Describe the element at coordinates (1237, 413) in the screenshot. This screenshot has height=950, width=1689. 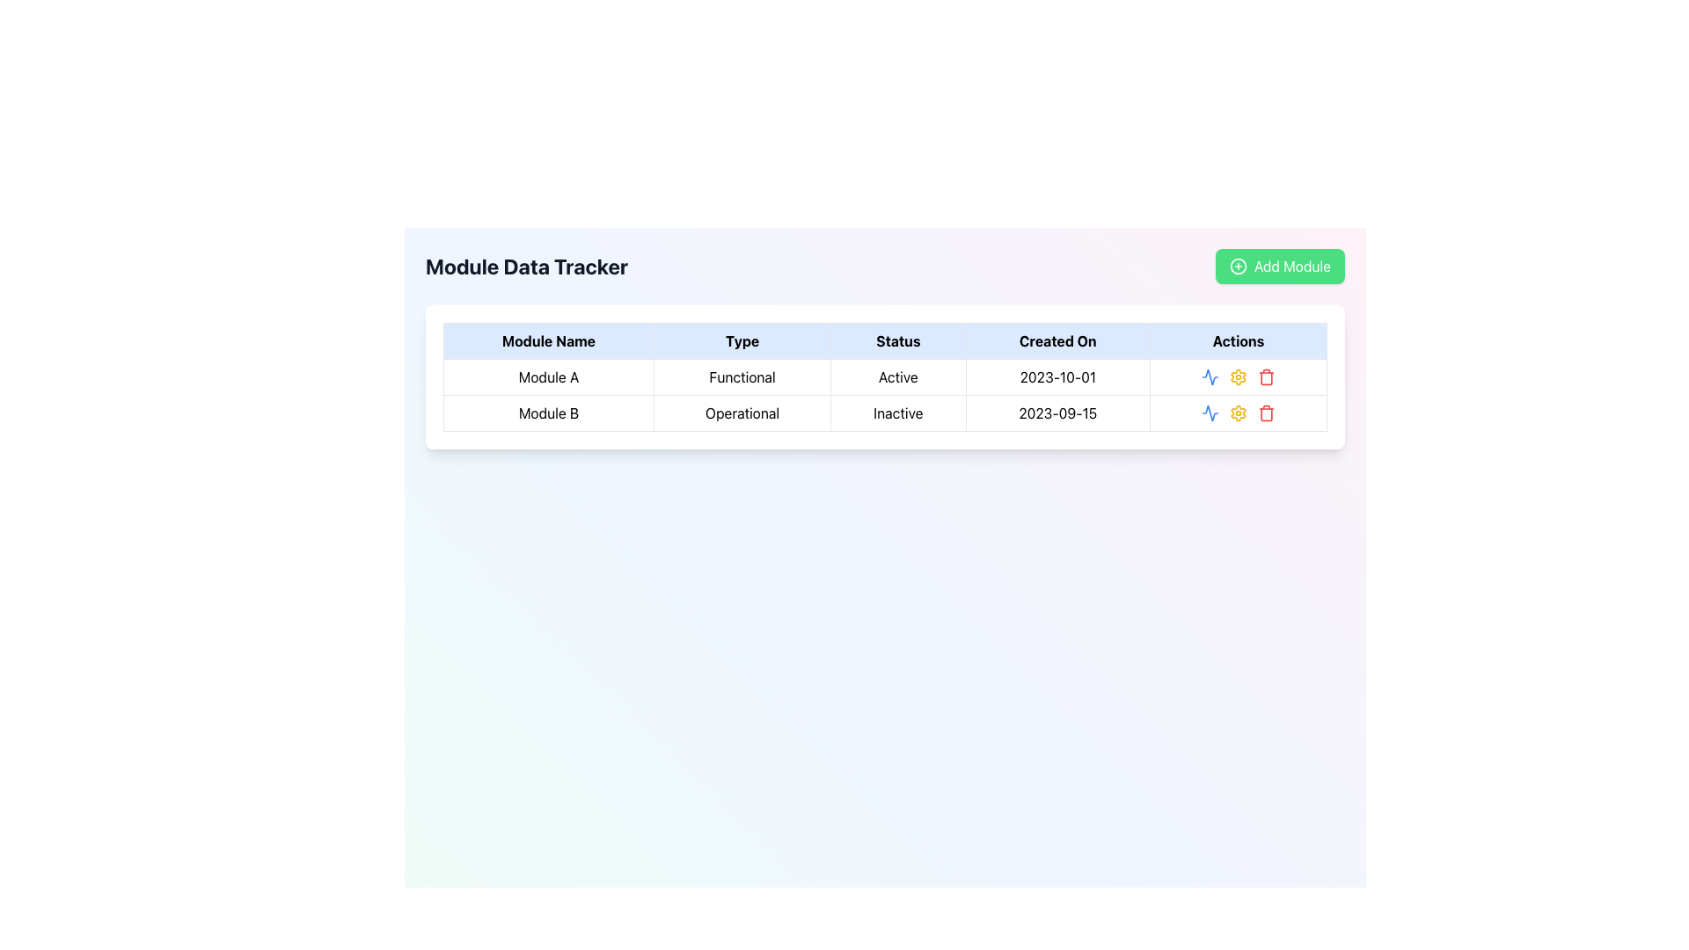
I see `the yellow cogwheel icon` at that location.